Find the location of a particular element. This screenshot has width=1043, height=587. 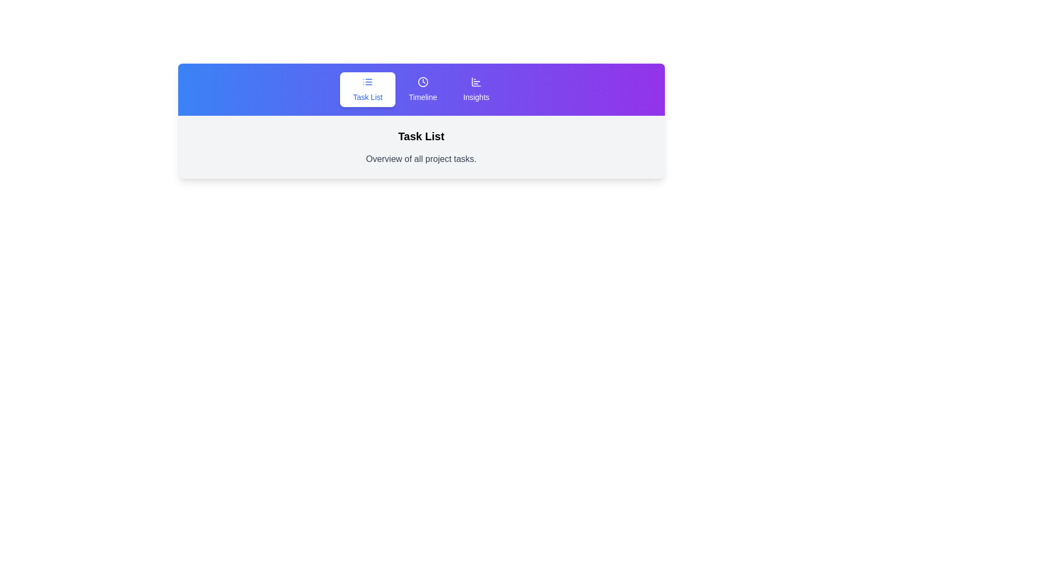

the tab labeled Timeline to switch to its view is located at coordinates (422, 89).